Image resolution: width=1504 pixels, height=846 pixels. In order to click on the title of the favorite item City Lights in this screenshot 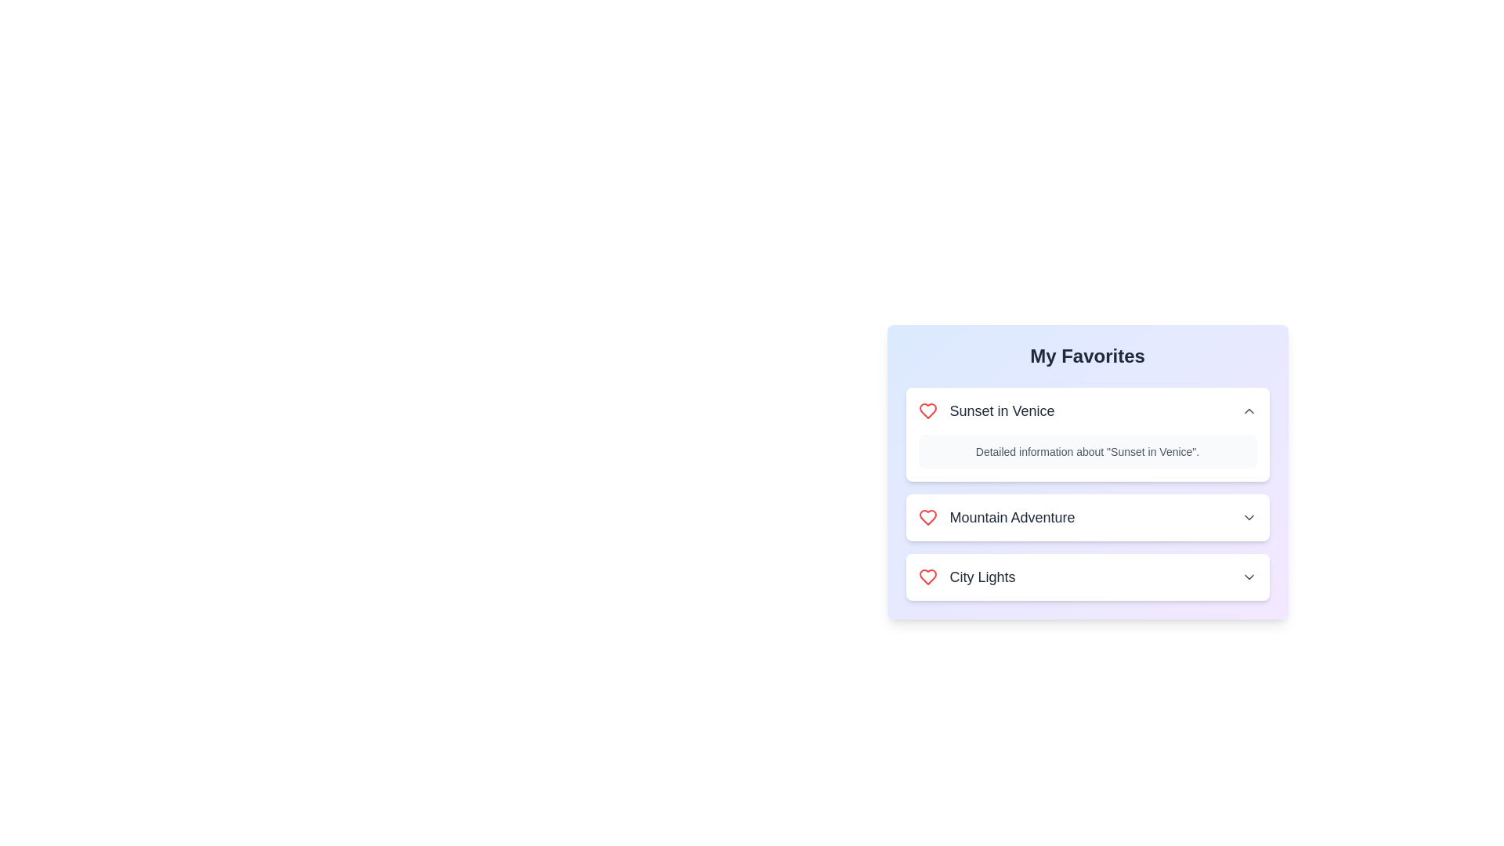, I will do `click(966, 577)`.